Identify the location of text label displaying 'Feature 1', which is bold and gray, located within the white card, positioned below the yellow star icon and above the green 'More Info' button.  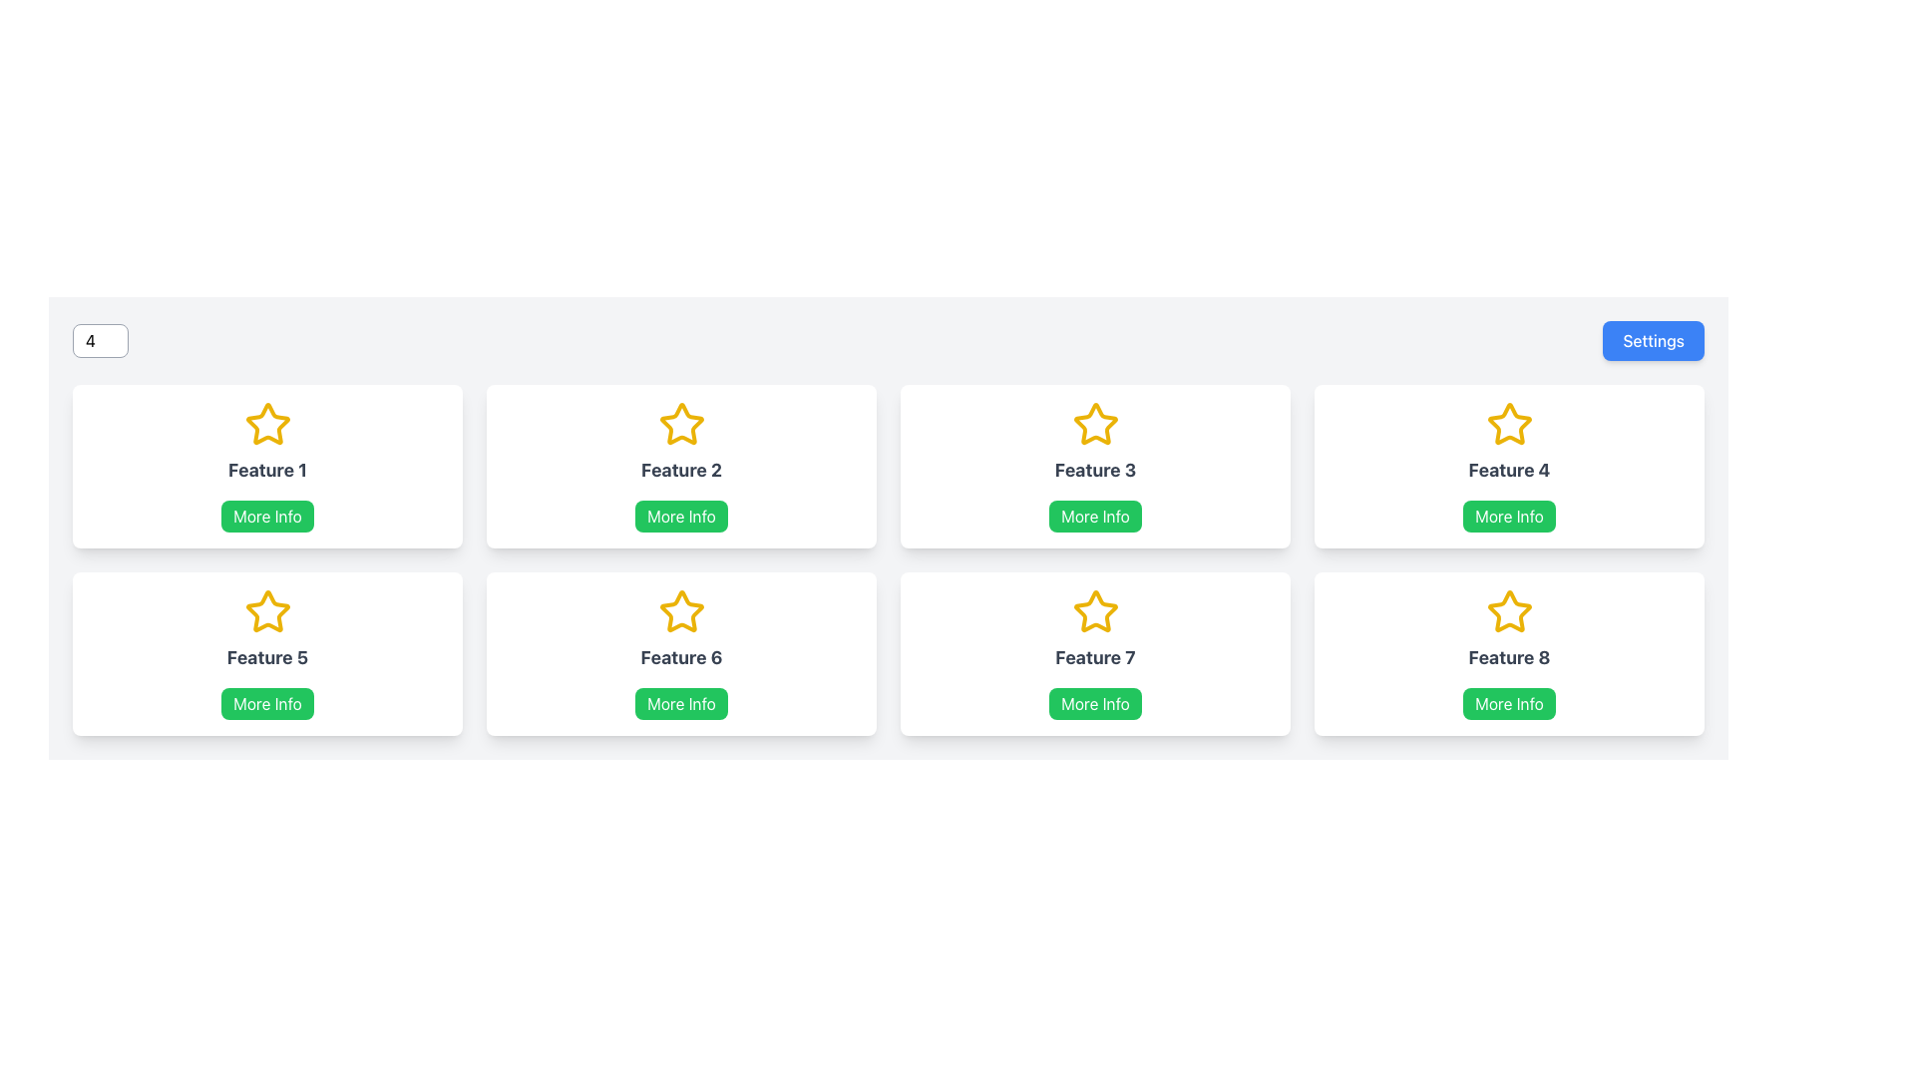
(266, 470).